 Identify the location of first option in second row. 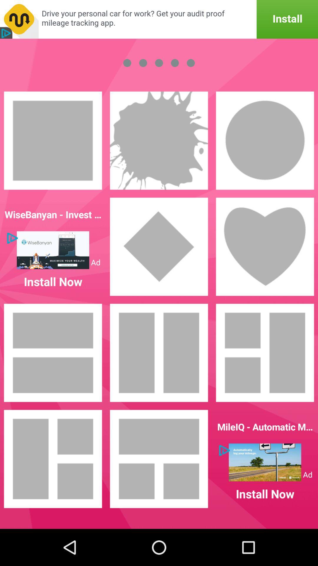
(53, 247).